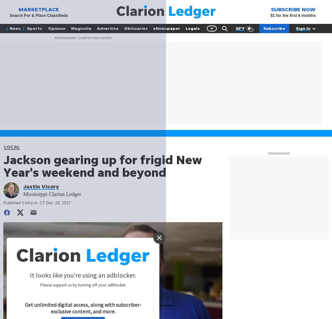 This screenshot has width=332, height=319. I want to click on 'Please support us by turning off your adblocker.', so click(82, 285).